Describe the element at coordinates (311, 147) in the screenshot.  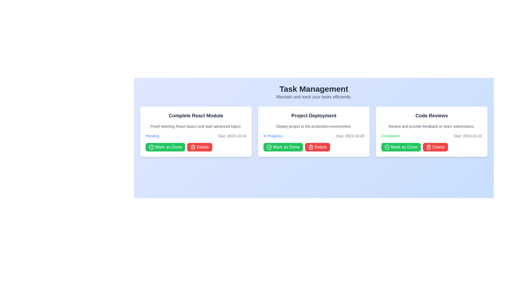
I see `the trashcan icon button located in the second card of the 'Project Deployment' section to initiate a delete action for the corresponding task` at that location.